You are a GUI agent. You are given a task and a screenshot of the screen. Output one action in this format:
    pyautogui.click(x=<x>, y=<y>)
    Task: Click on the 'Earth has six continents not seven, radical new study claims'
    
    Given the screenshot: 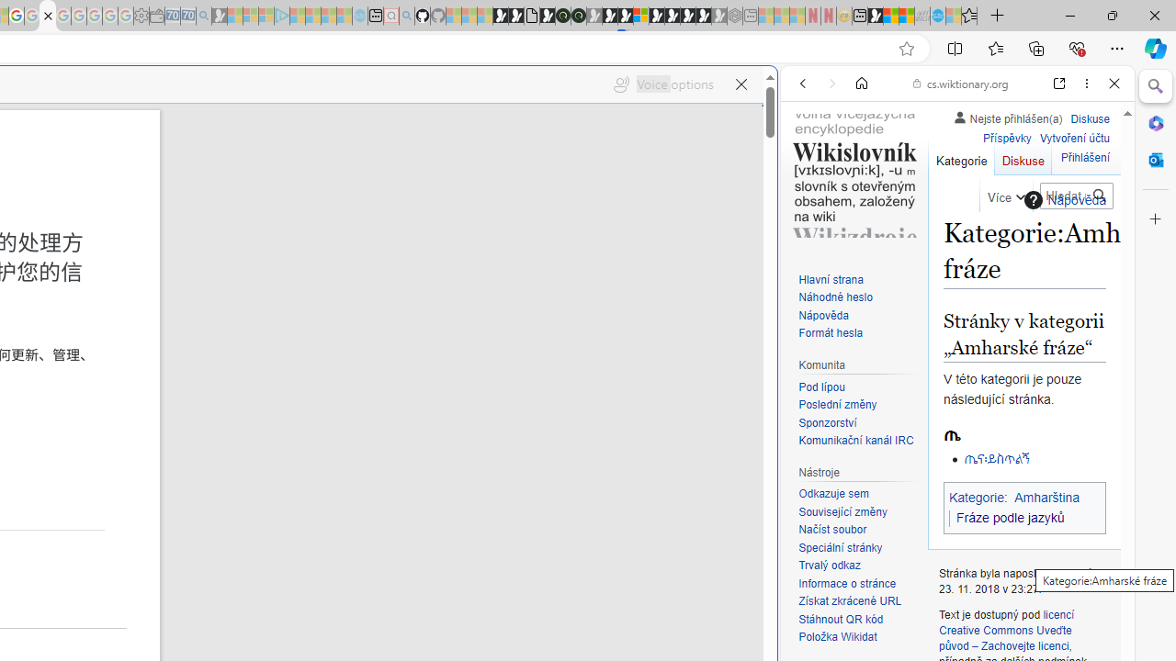 What is the action you would take?
    pyautogui.click(x=906, y=16)
    